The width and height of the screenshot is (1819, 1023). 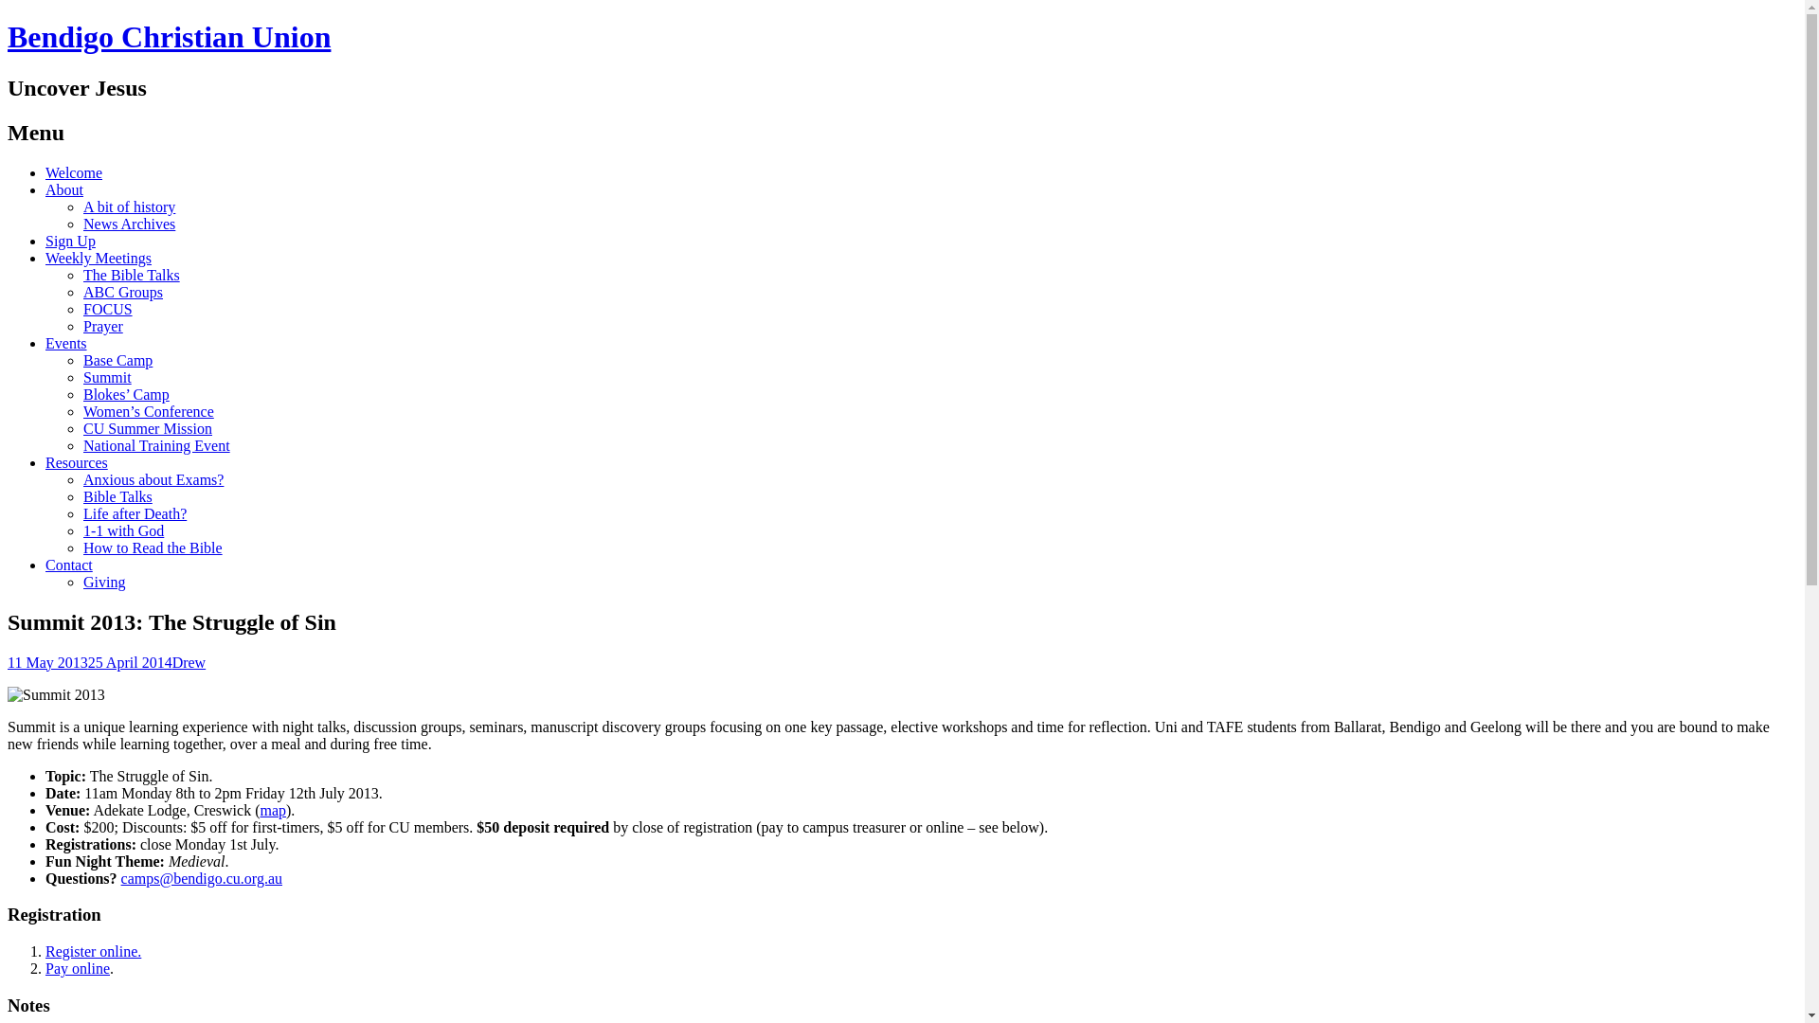 I want to click on 'CU Summer Mission', so click(x=147, y=428).